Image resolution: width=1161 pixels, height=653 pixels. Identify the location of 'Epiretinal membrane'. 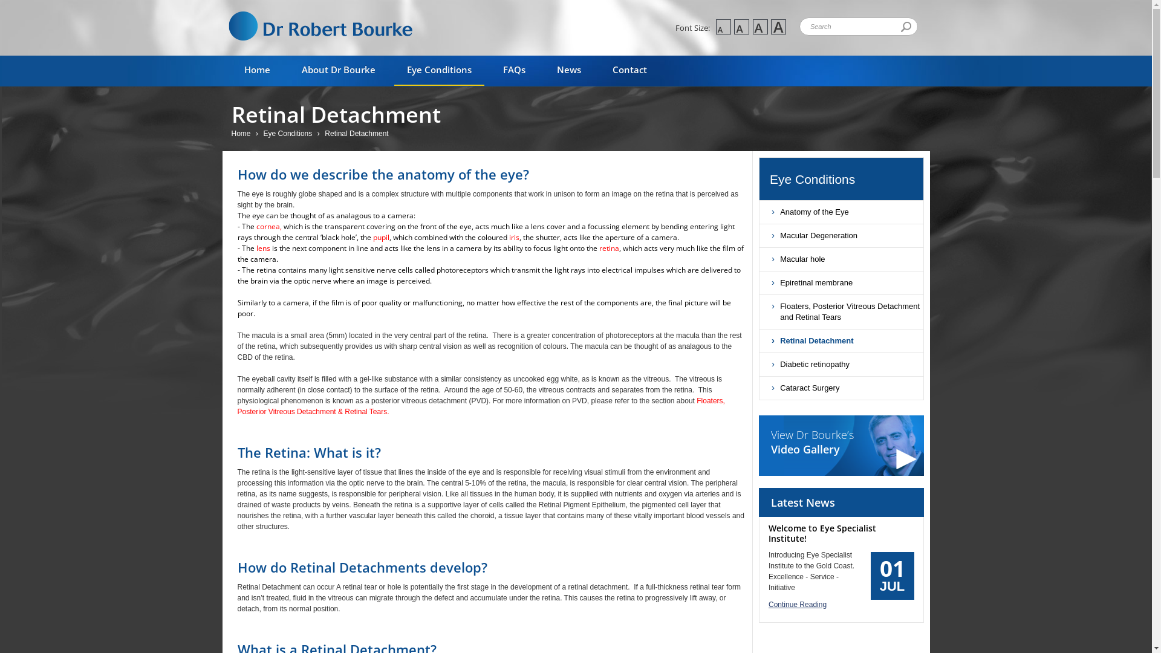
(759, 282).